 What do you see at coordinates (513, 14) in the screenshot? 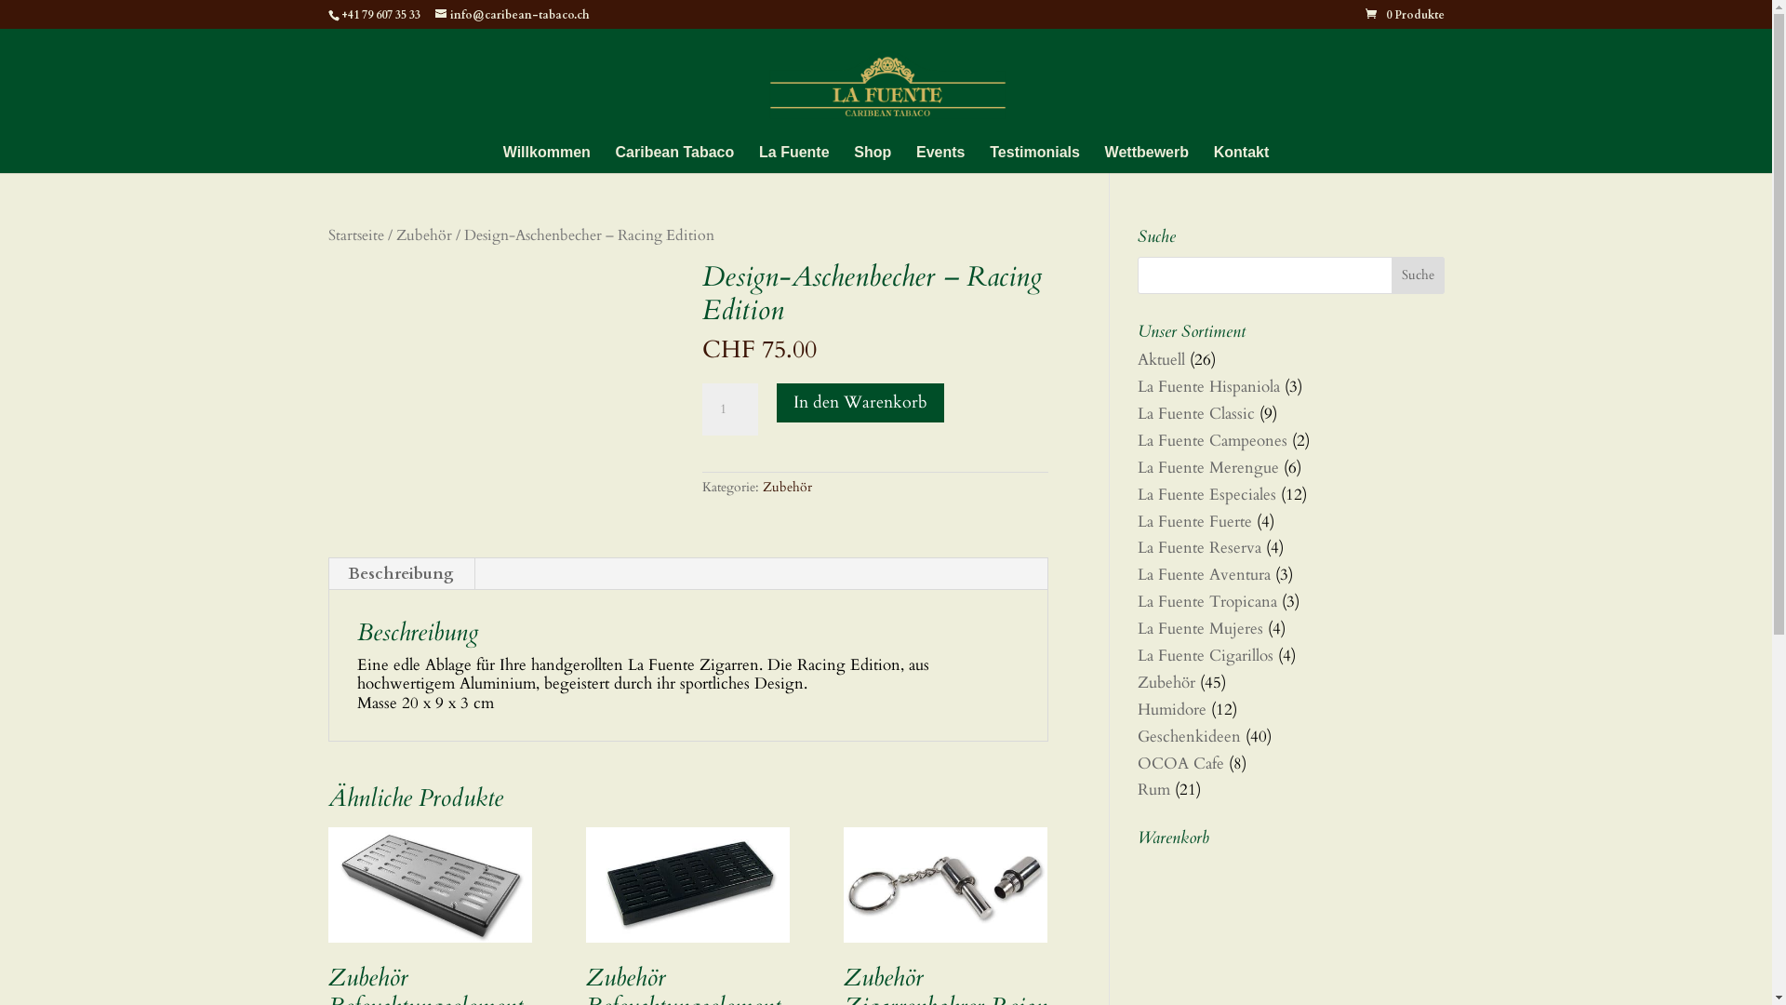
I see `'info@caribean-tabaco.ch'` at bounding box center [513, 14].